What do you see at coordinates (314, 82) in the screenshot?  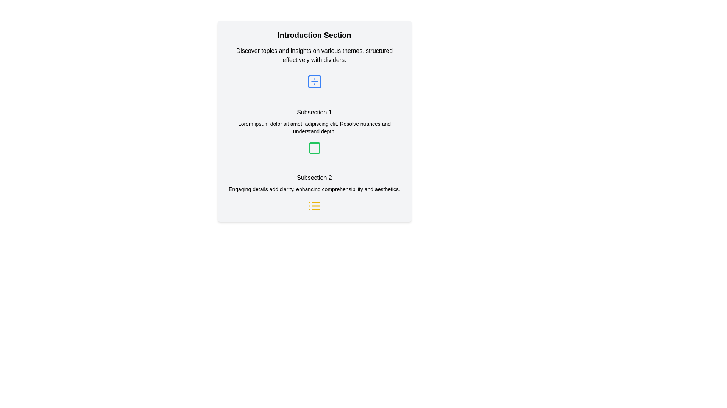 I see `the square-shaped icon with a dividing cross design located in the 'Introduction Section' between the section title and the description text` at bounding box center [314, 82].